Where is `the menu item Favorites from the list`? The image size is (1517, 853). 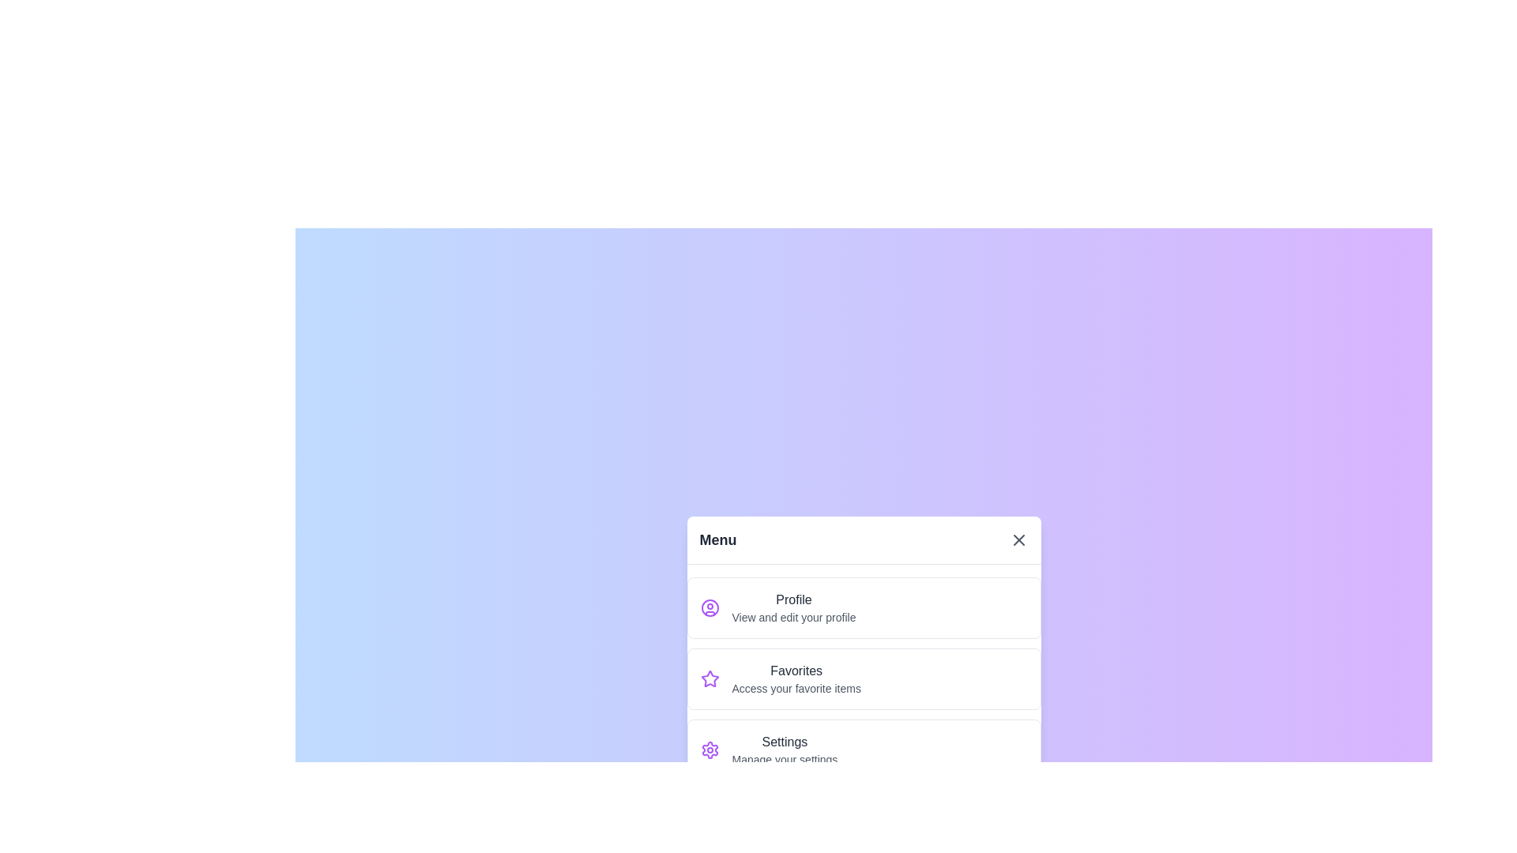 the menu item Favorites from the list is located at coordinates (863, 678).